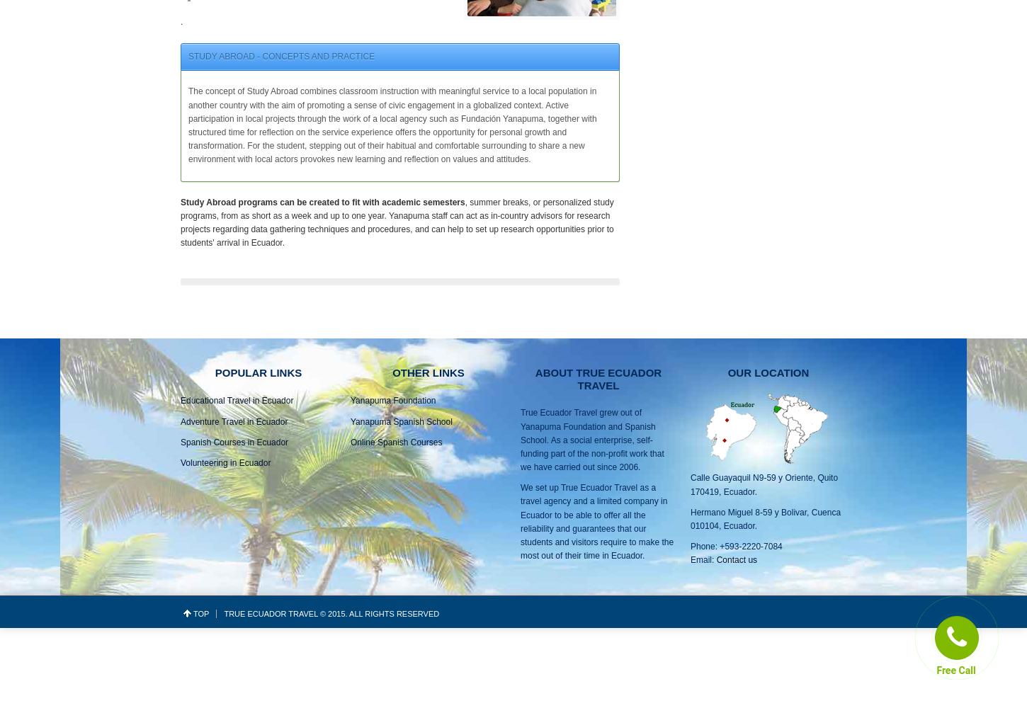  Describe the element at coordinates (223, 613) in the screenshot. I see `'True Ecuador Travel © 2015. All rights reserved'` at that location.